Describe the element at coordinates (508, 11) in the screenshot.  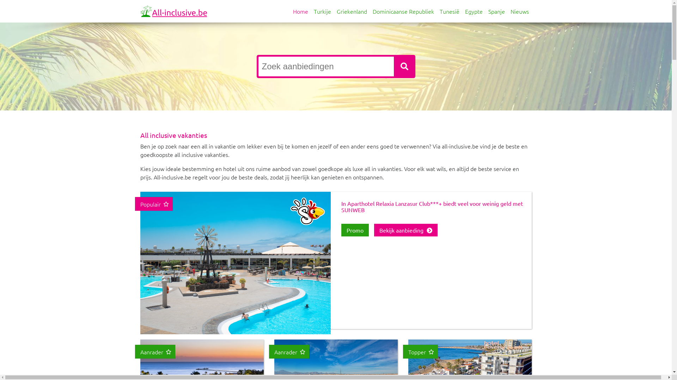
I see `'Nieuws'` at that location.